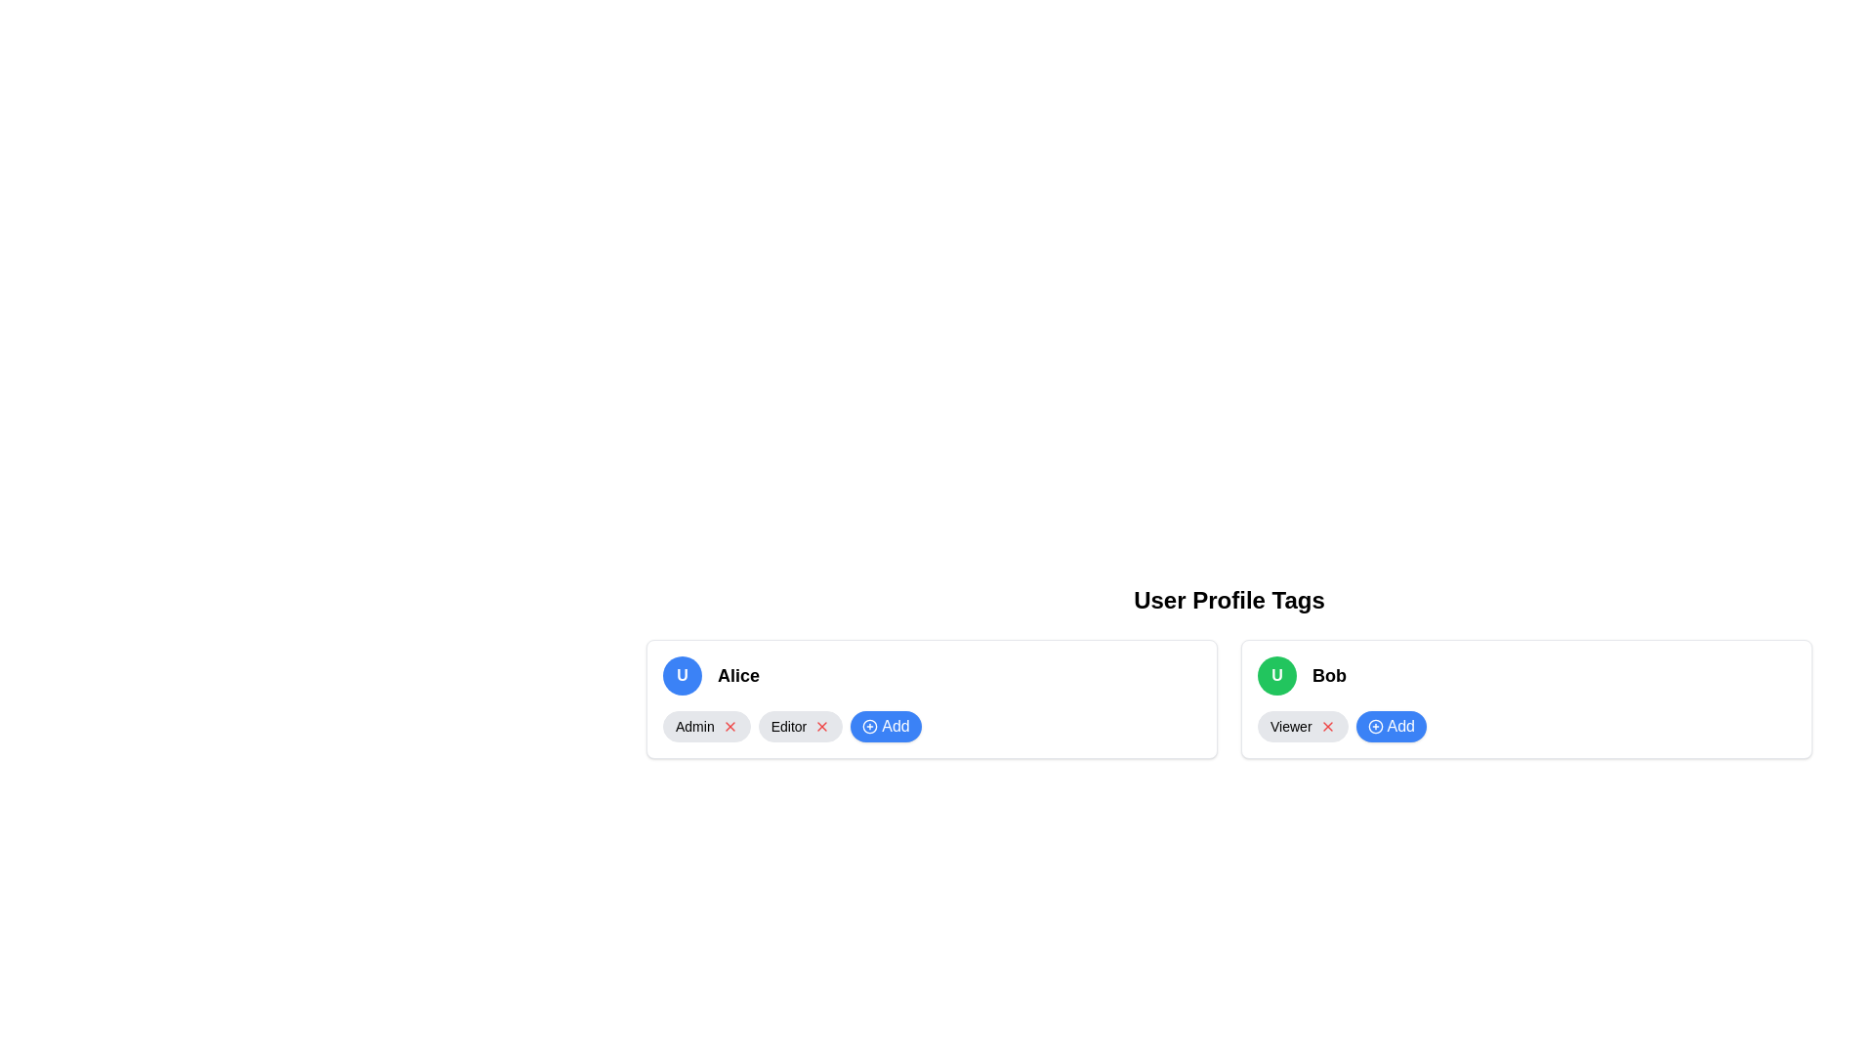 The width and height of the screenshot is (1875, 1055). I want to click on the circular '+' icon inside the 'Add' button, which is part of the user profile tag interface, so click(869, 727).